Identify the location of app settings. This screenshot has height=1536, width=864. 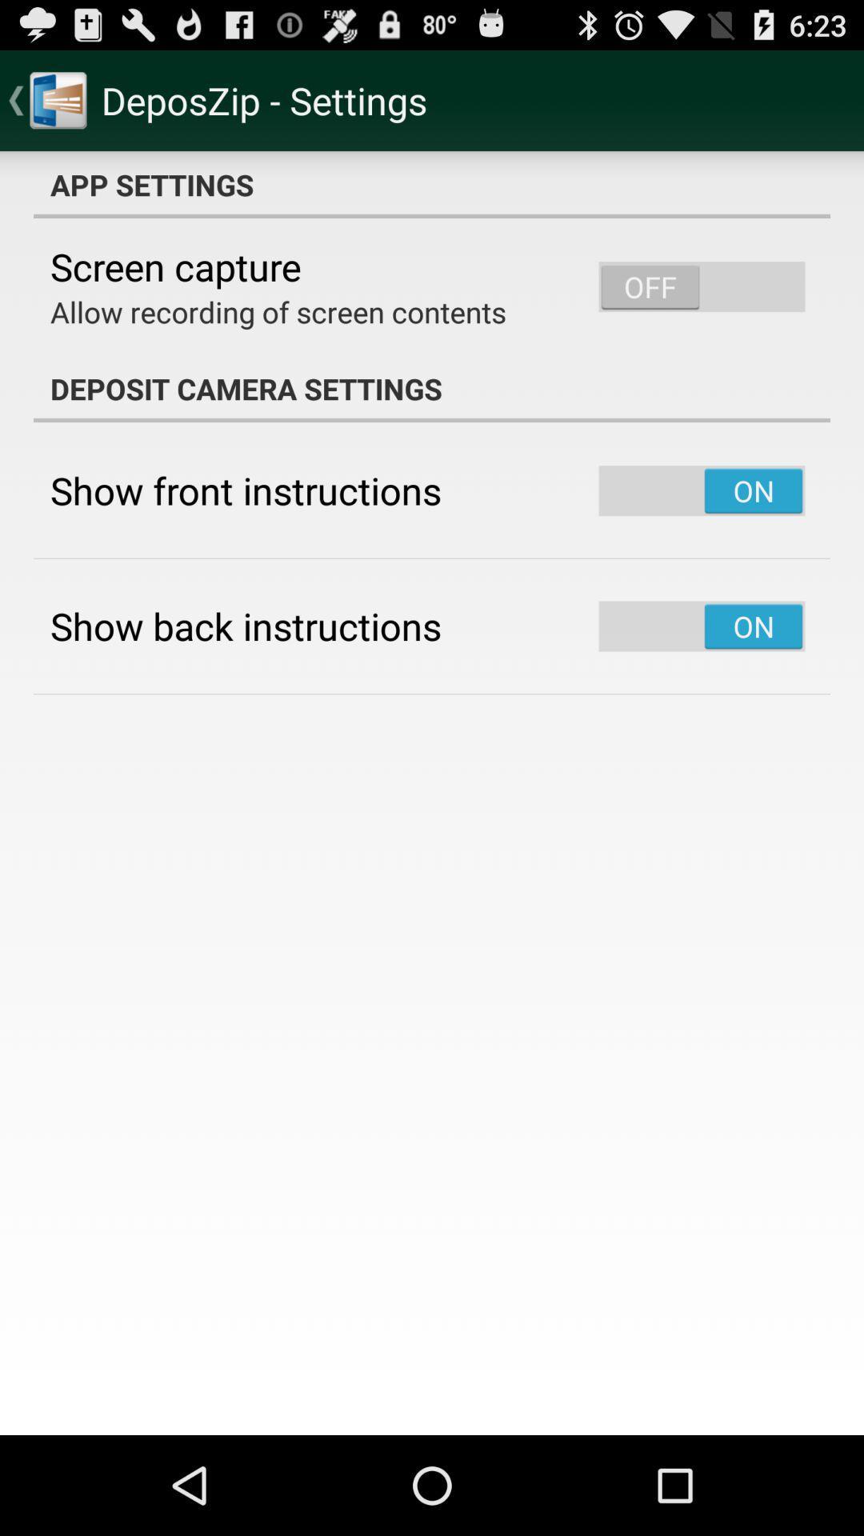
(432, 184).